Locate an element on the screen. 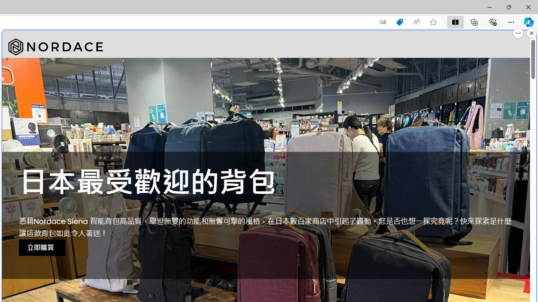  'Restore' is located at coordinates (508, 7).